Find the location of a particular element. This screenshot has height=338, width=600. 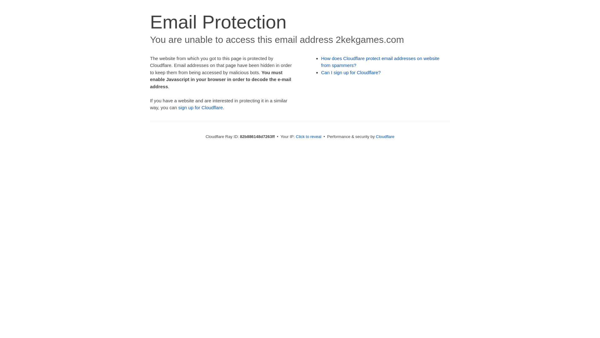

'Cloudflare' is located at coordinates (385, 136).